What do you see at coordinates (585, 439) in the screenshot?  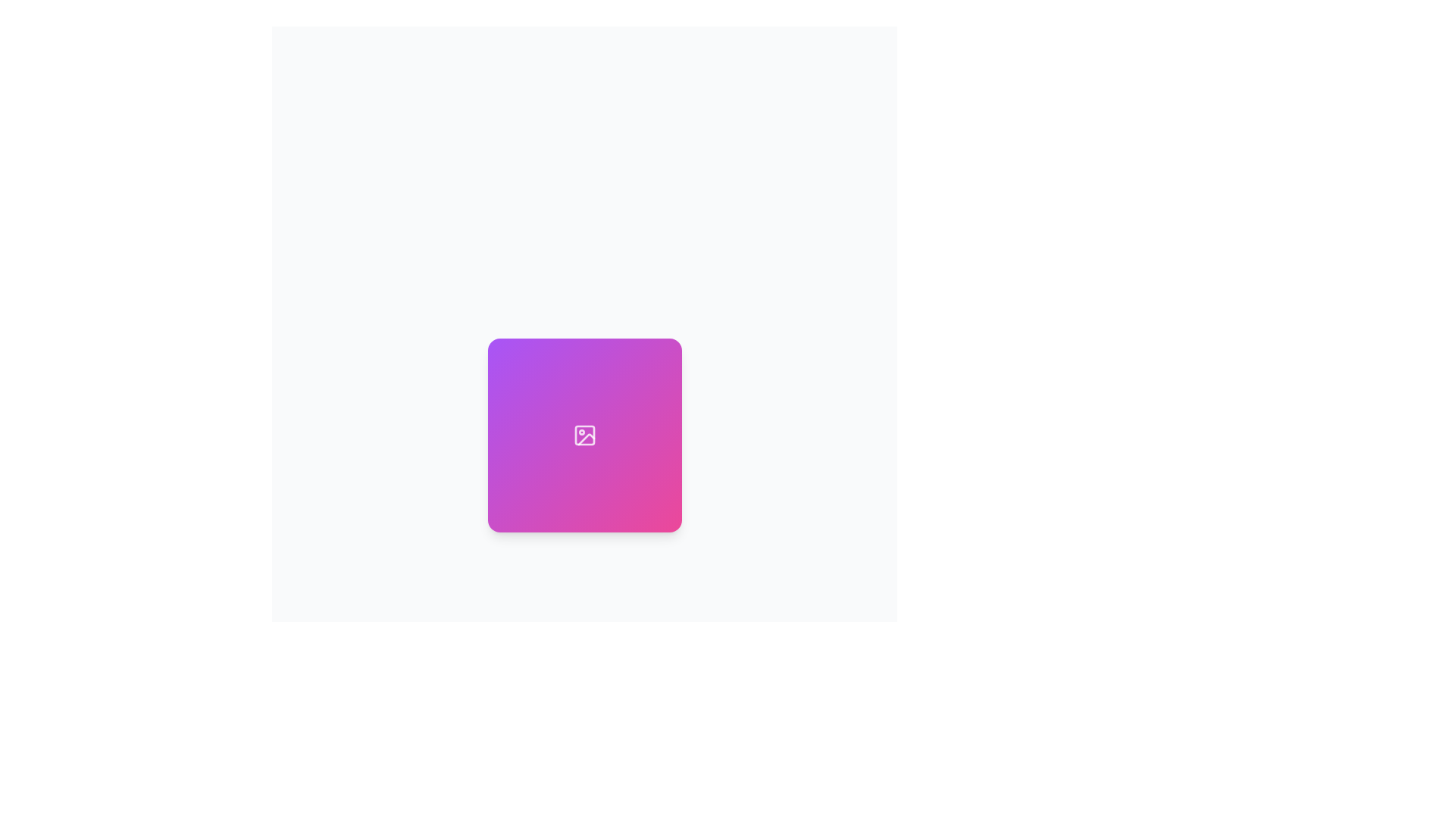 I see `the diagonal line segment graphic within the SVG icon, located in the lower-left section of the icon, which is part of a design on a gradient background transitioning from purple to pink` at bounding box center [585, 439].